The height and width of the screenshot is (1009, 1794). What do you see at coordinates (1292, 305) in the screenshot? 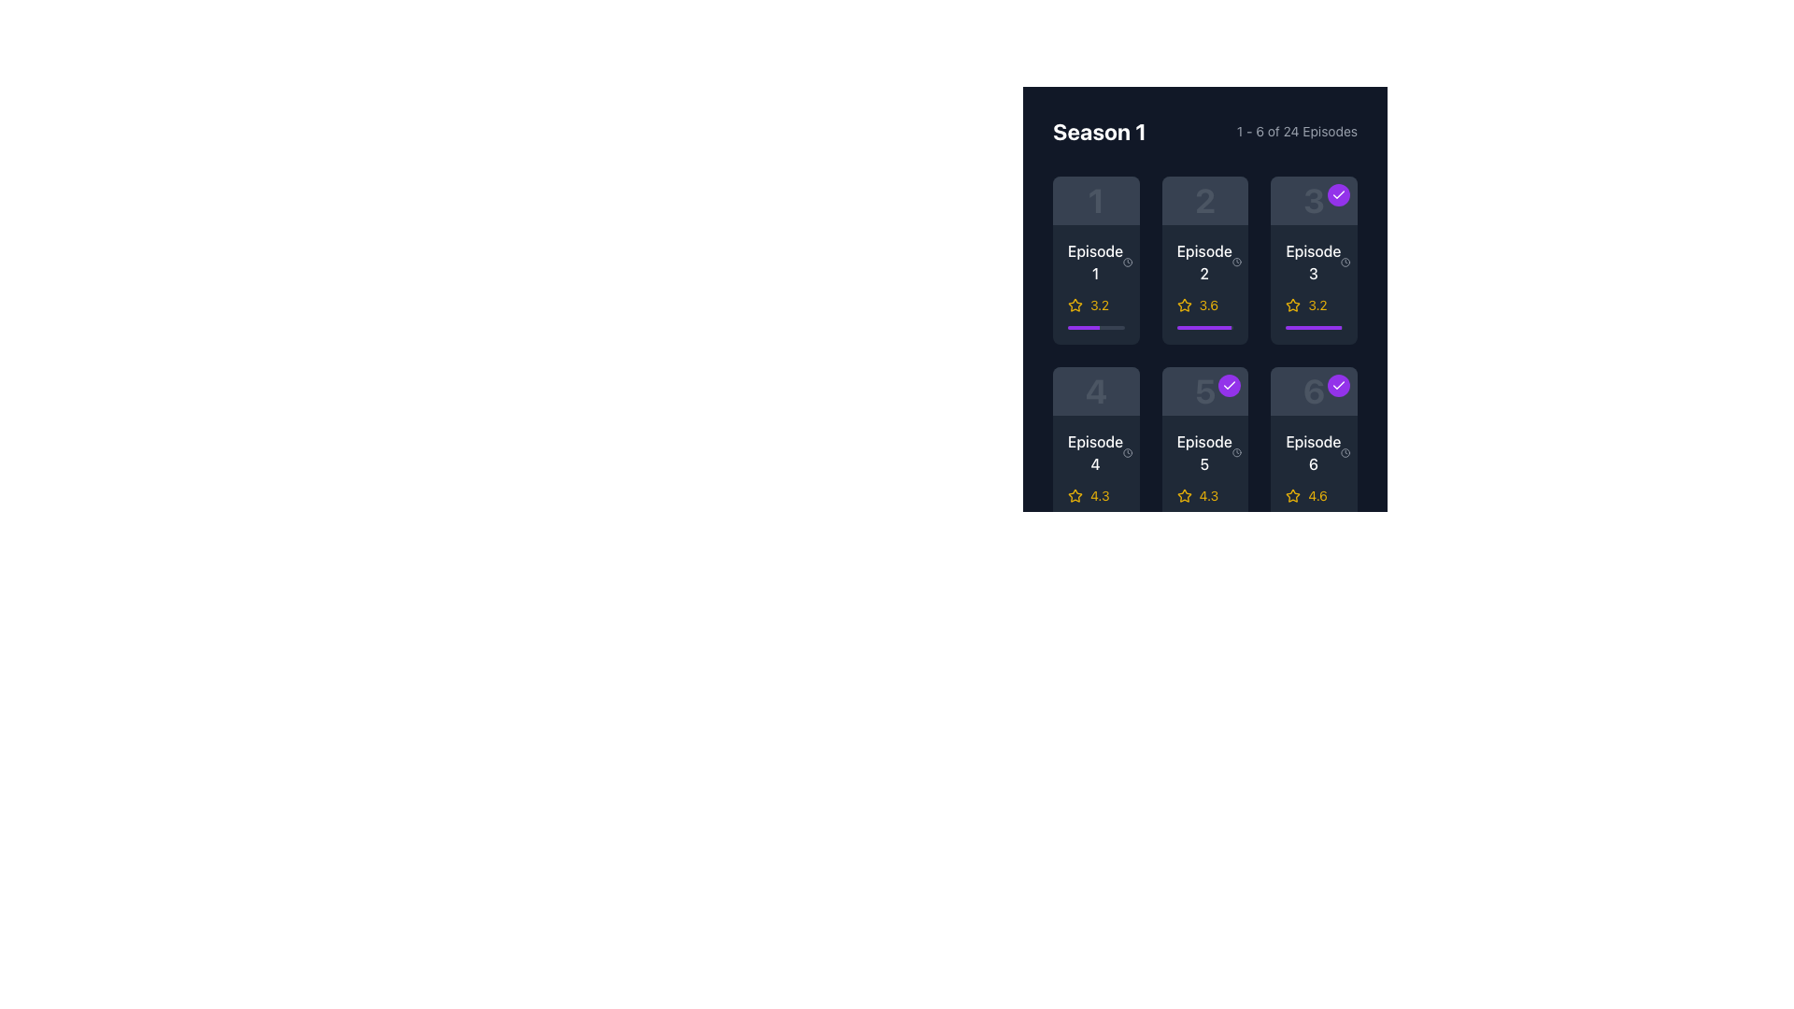
I see `the star icon that indicates a rating score of 3.2, which is located below the tile labeled 'Episode 3'` at bounding box center [1292, 305].